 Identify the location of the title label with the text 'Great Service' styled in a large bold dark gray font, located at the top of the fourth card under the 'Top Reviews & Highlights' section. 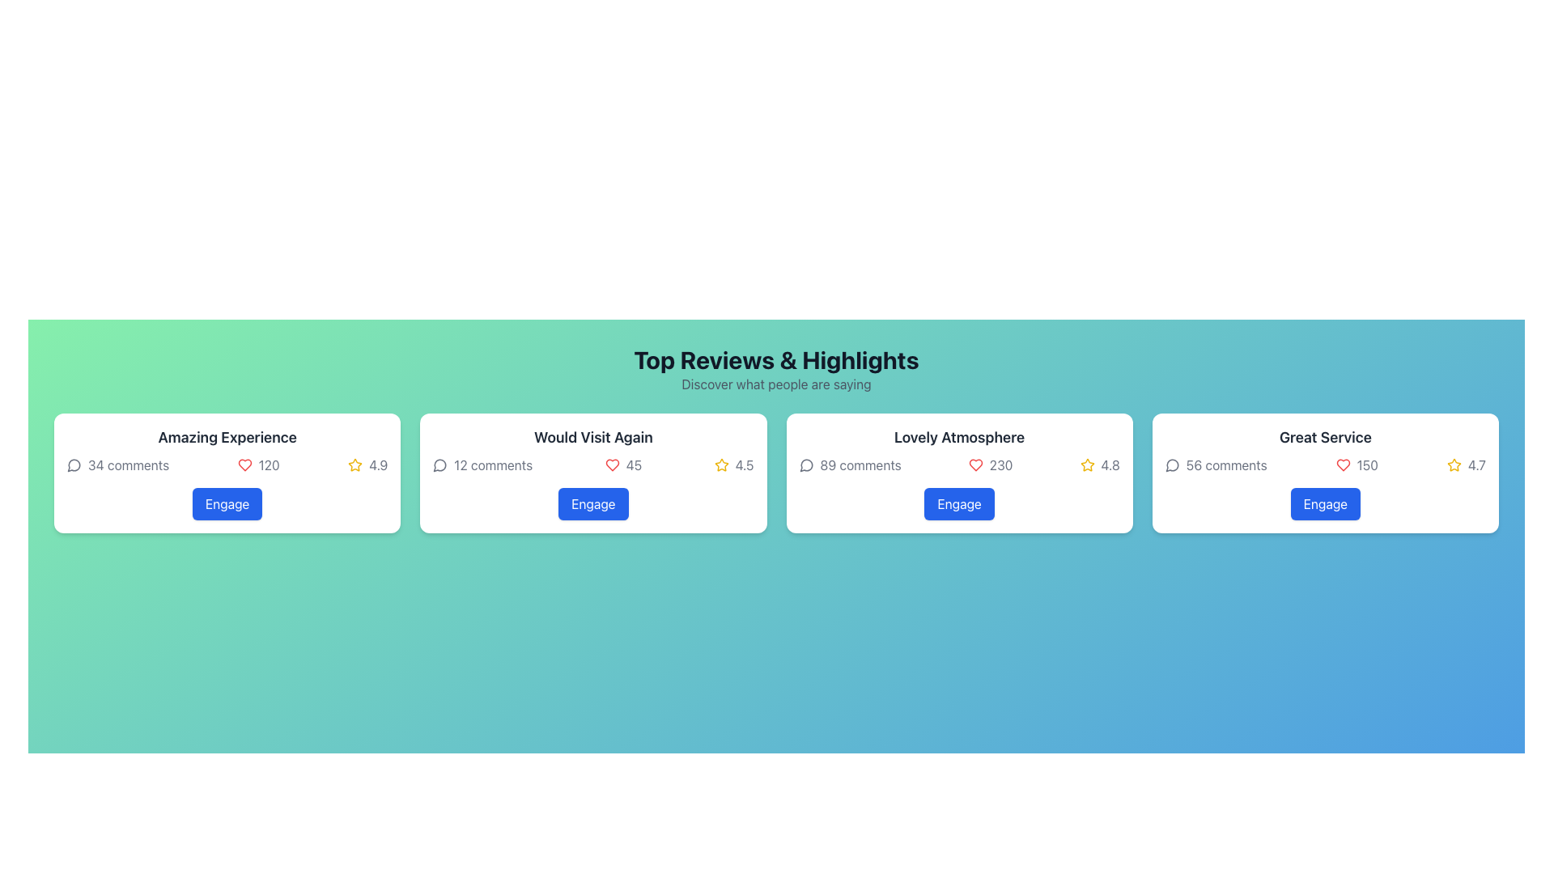
(1325, 437).